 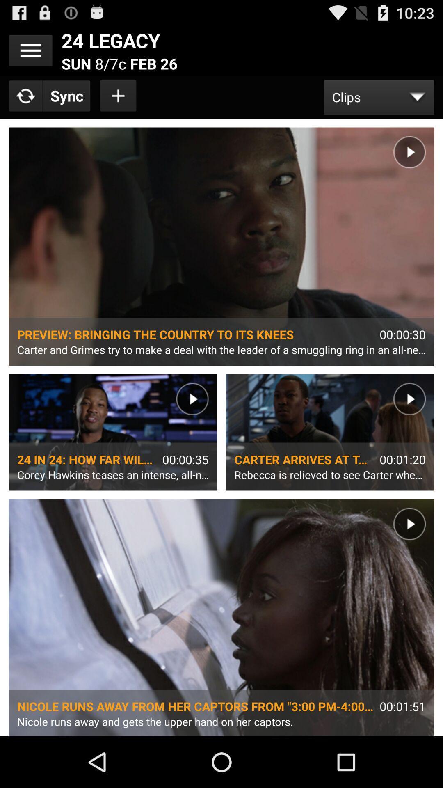 I want to click on added, so click(x=119, y=96).